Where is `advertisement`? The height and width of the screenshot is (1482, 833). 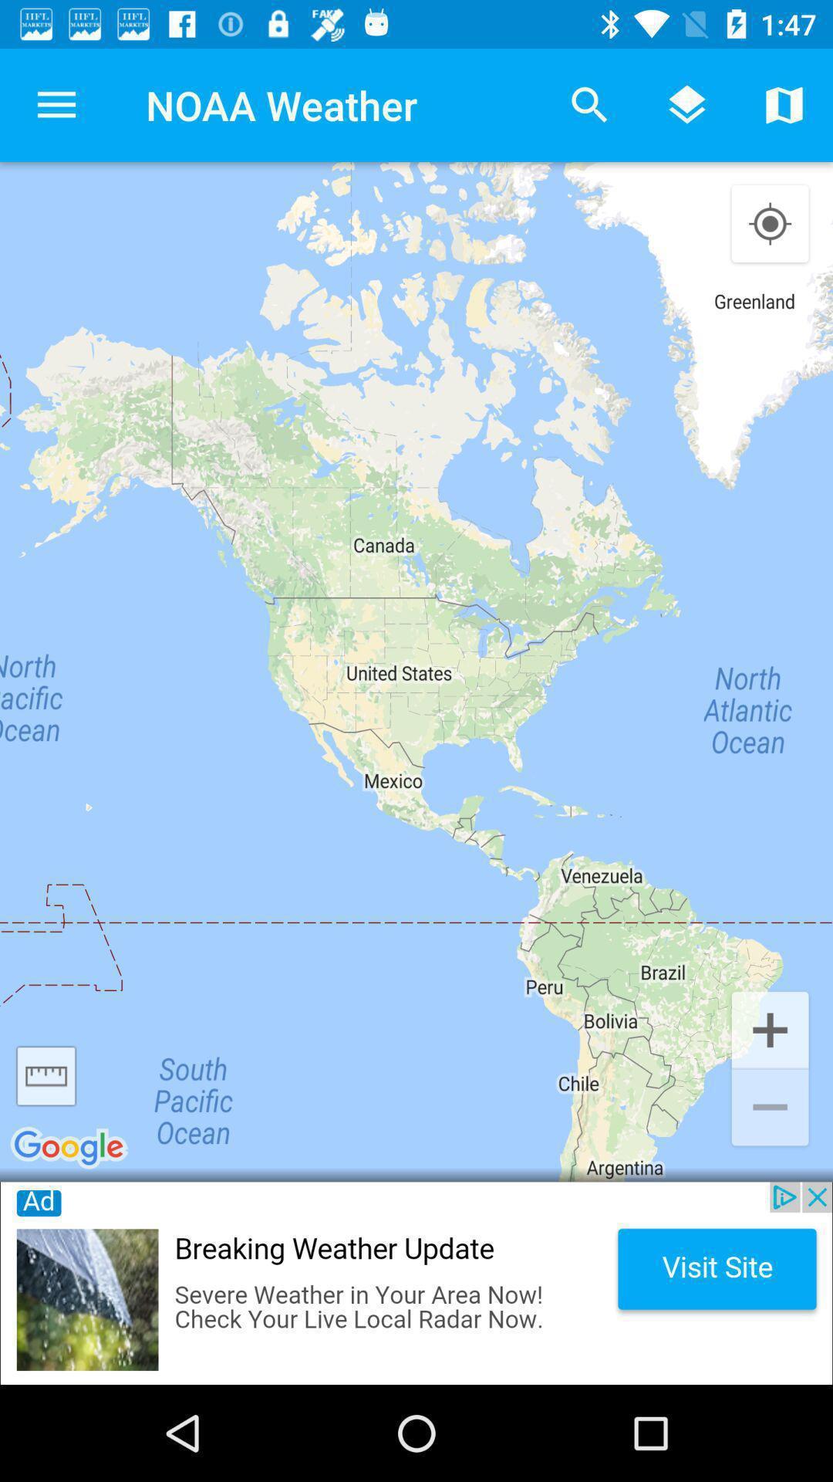
advertisement is located at coordinates (416, 1283).